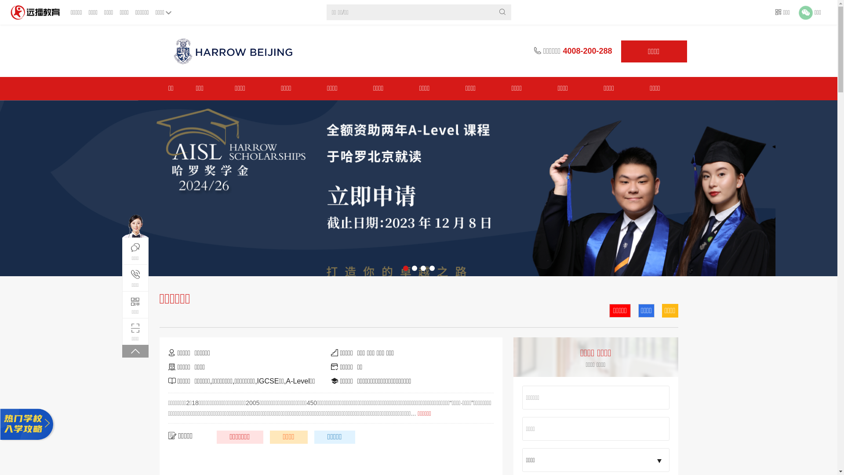 The width and height of the screenshot is (844, 475). Describe the element at coordinates (563, 51) in the screenshot. I see `'4008-200-288'` at that location.